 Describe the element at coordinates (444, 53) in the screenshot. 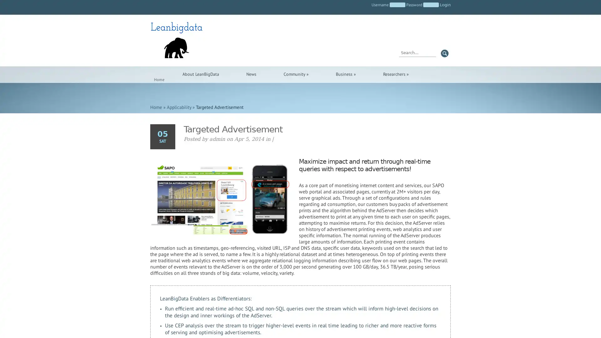

I see `Submit` at that location.